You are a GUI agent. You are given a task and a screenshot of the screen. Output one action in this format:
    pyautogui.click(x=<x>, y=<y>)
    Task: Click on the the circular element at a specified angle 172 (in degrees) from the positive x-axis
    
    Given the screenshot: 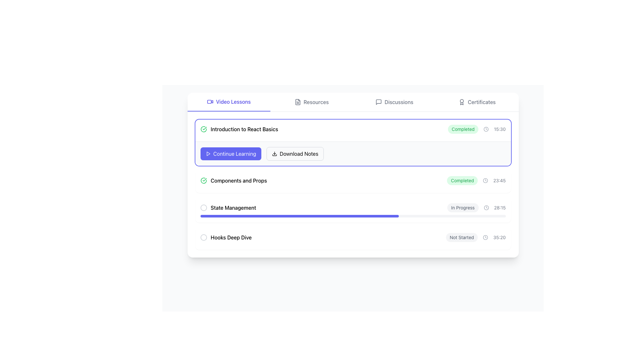 What is the action you would take?
    pyautogui.click(x=482, y=238)
    